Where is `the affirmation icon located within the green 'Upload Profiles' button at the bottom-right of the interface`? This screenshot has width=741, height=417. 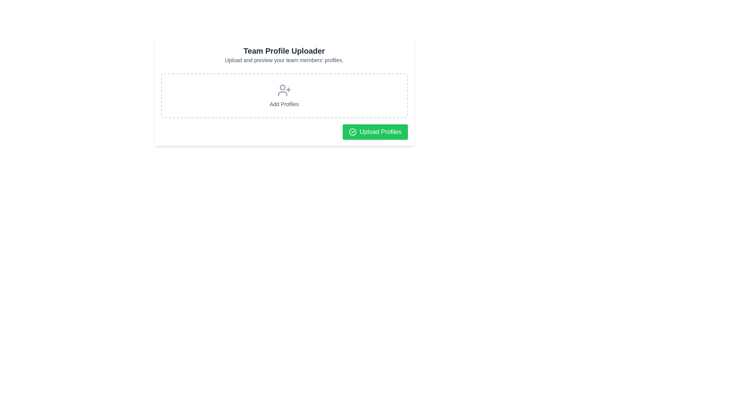 the affirmation icon located within the green 'Upload Profiles' button at the bottom-right of the interface is located at coordinates (352, 132).